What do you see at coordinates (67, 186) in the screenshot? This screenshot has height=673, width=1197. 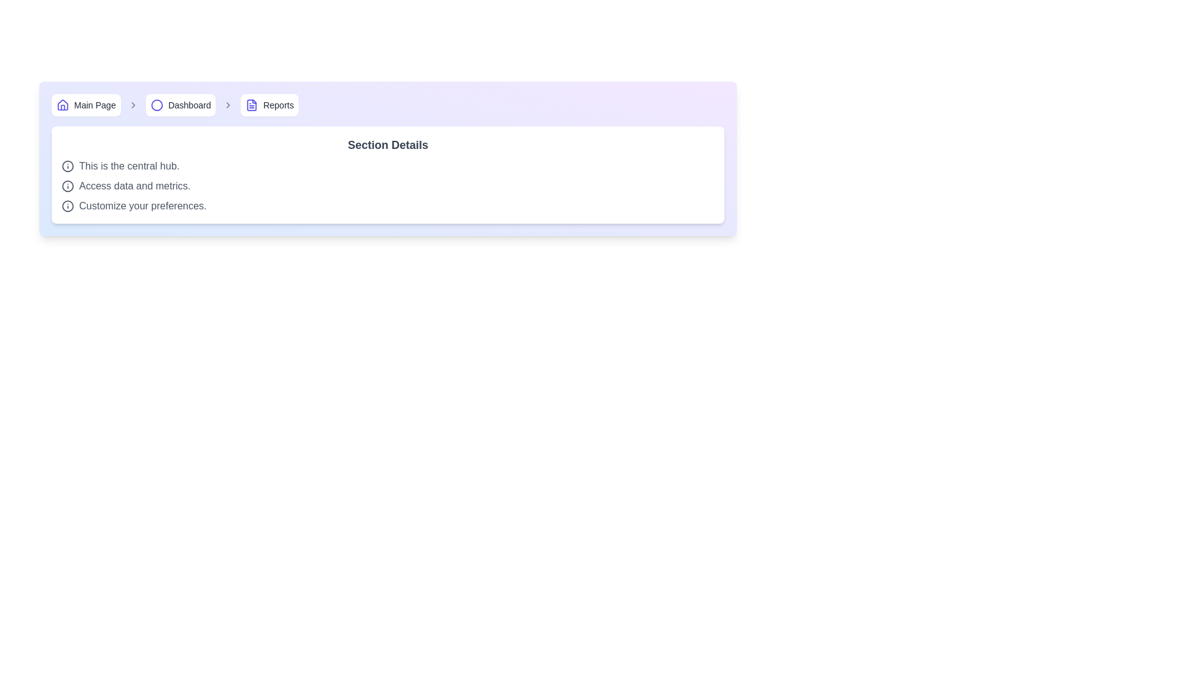 I see `the center of the informational icon styled as a circled 'i', which is located to the left of the text 'Access data and metrics.'` at bounding box center [67, 186].